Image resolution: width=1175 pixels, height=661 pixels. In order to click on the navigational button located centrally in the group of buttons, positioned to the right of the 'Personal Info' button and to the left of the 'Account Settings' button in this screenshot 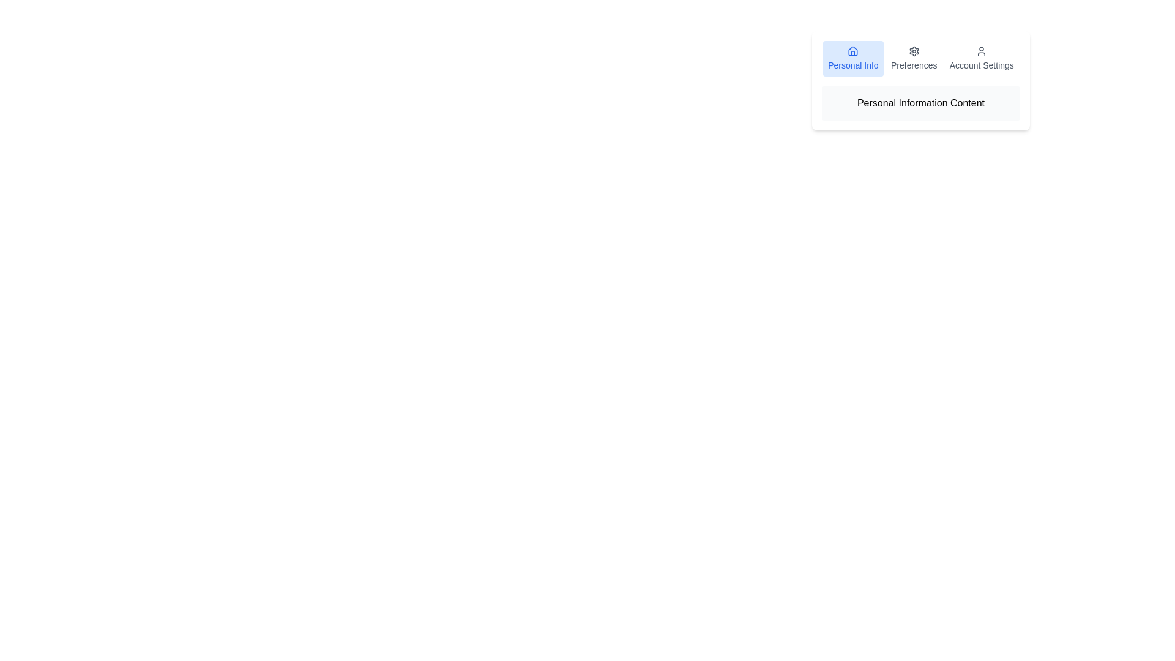, I will do `click(914, 59)`.